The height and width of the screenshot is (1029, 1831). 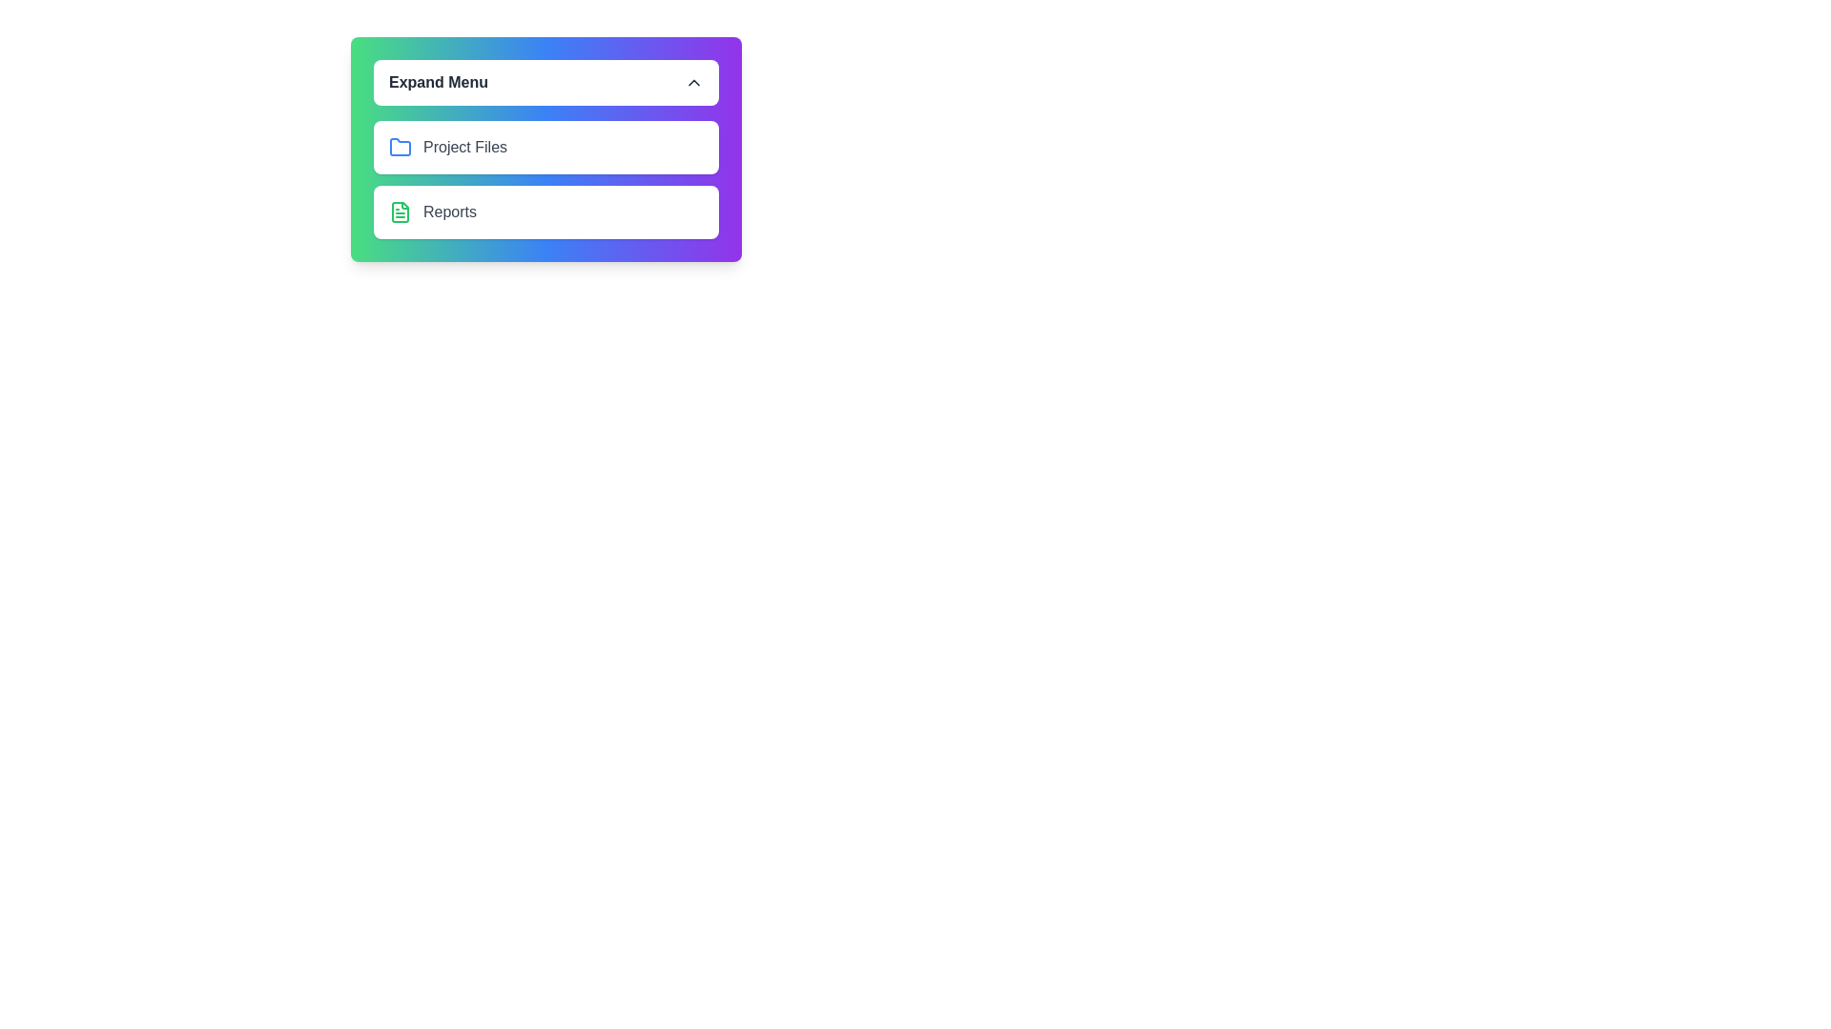 I want to click on the chevron-up IconButton located to the right of the 'Expand Menu' label, so click(x=693, y=82).